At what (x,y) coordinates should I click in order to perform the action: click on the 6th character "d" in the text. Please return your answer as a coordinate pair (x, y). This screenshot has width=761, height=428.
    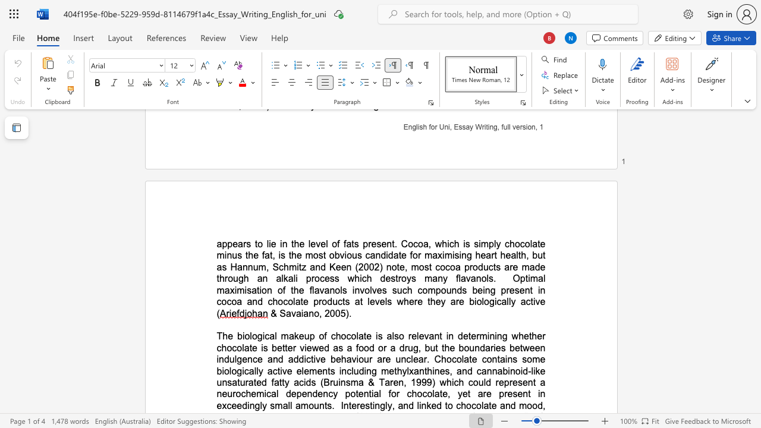
    Looking at the image, I should click on (382, 278).